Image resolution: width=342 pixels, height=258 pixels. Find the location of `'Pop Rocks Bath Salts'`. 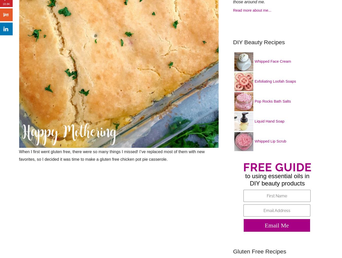

'Pop Rocks Bath Salts' is located at coordinates (274, 101).